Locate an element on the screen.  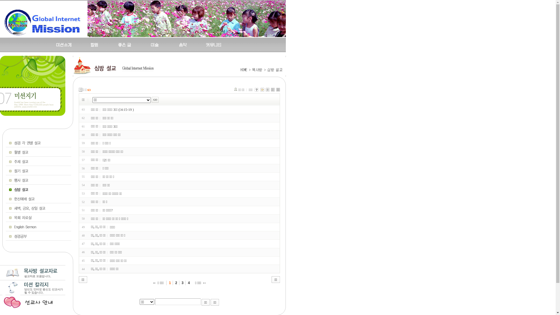
'2' is located at coordinates (176, 282).